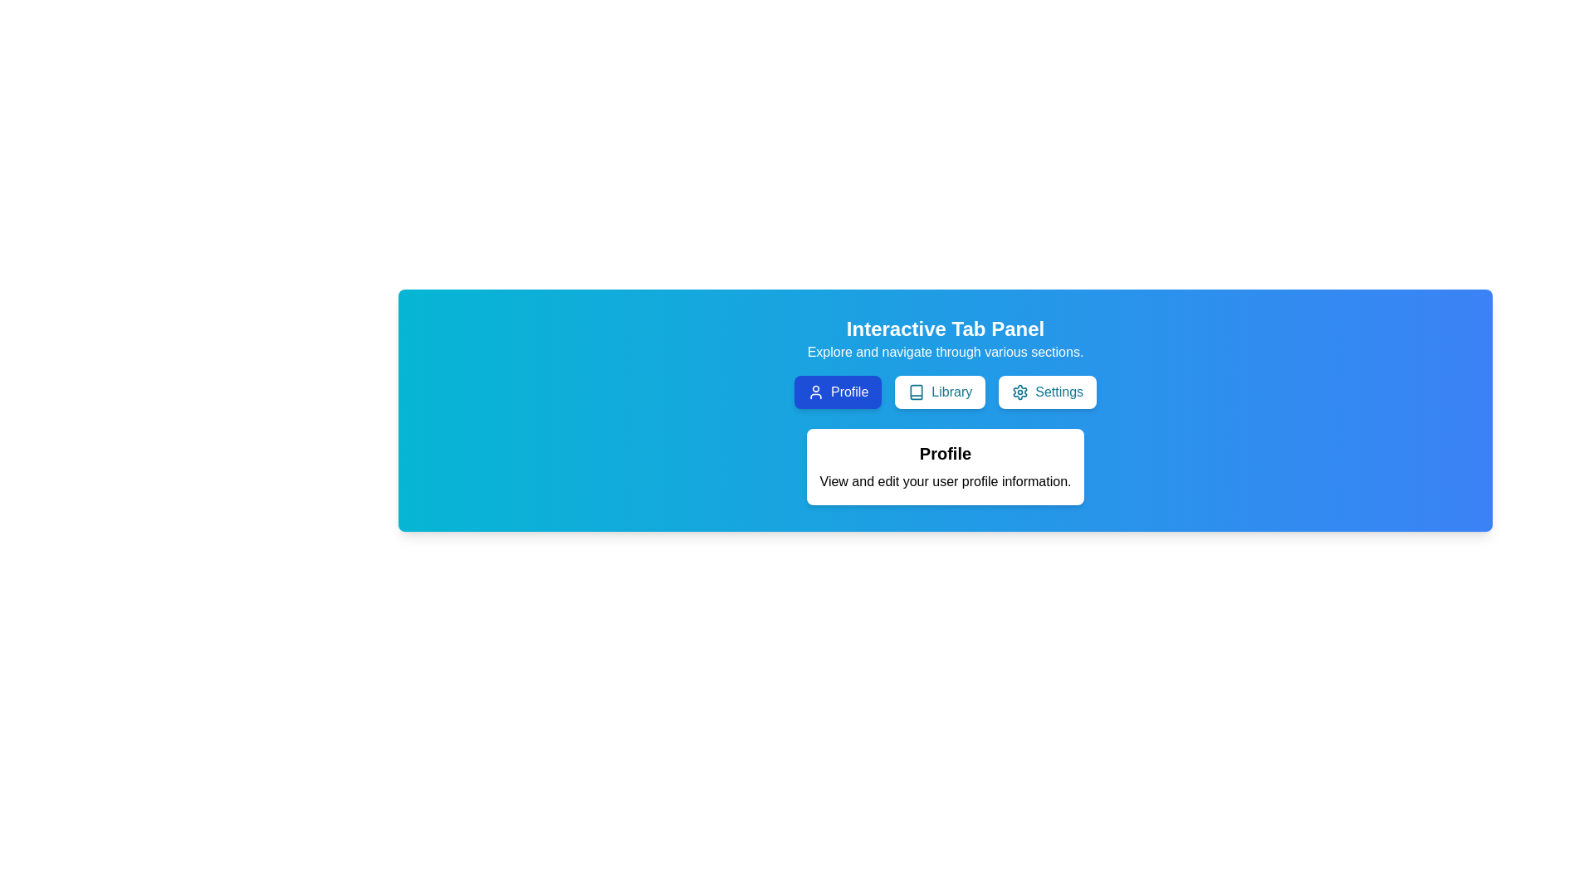  I want to click on the Library tab, so click(940, 392).